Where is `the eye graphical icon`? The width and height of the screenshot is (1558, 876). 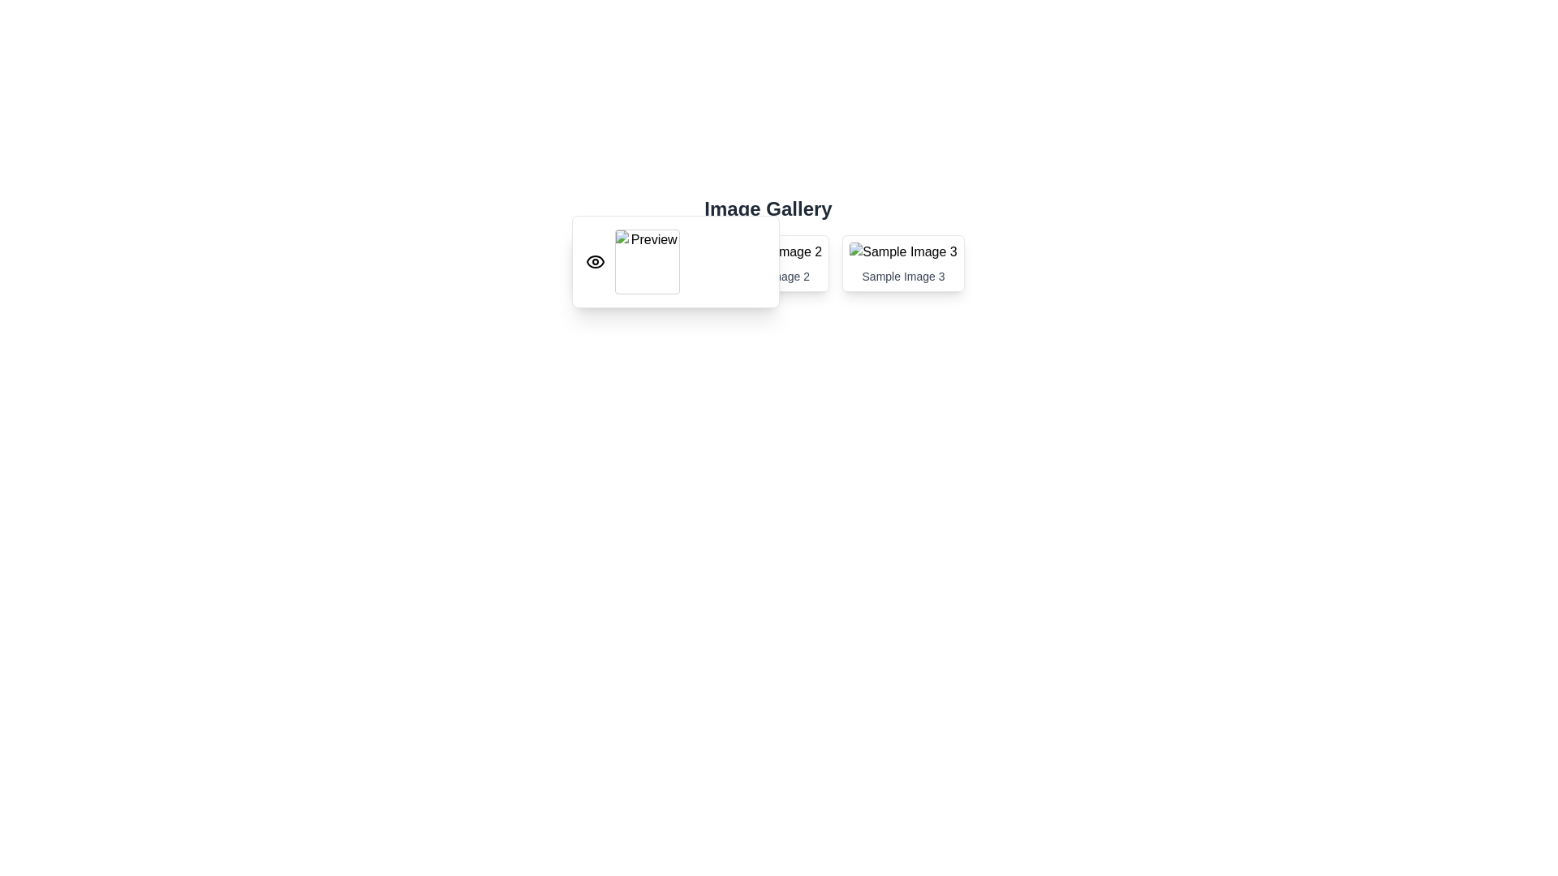 the eye graphical icon is located at coordinates (595, 261).